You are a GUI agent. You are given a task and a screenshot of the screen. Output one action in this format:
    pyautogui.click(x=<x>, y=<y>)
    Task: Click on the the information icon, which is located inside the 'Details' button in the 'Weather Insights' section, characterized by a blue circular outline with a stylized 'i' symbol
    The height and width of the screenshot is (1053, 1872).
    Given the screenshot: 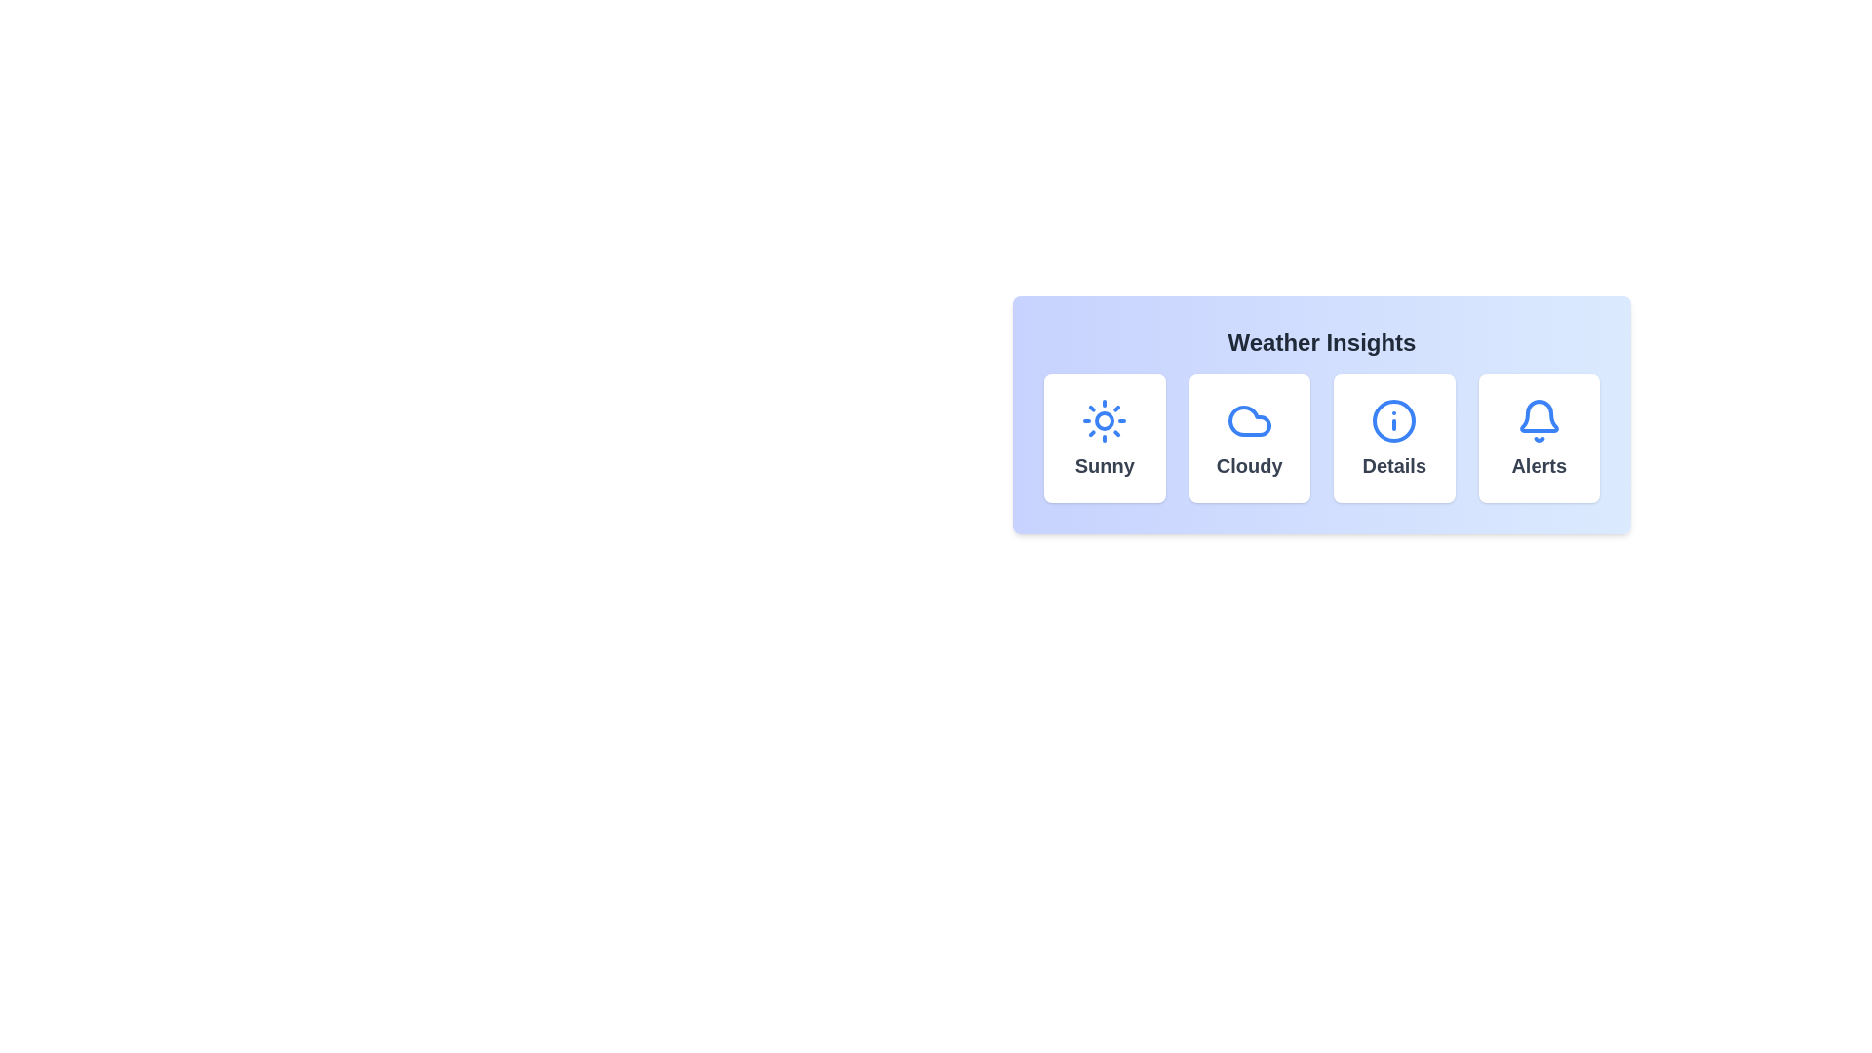 What is the action you would take?
    pyautogui.click(x=1393, y=420)
    